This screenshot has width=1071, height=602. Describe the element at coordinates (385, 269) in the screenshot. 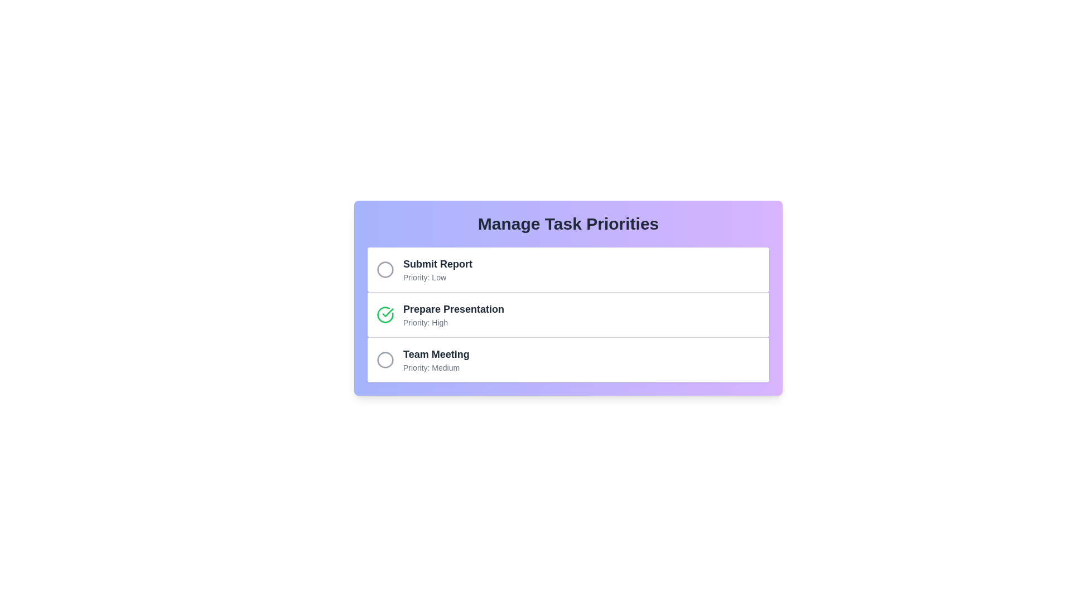

I see `the task Submit Report to observe hover effects` at that location.